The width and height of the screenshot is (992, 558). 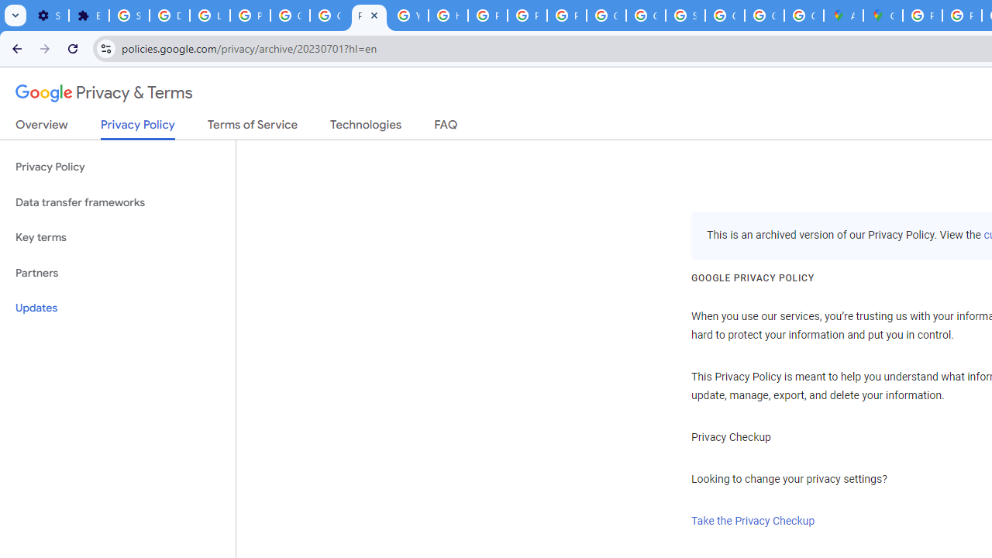 I want to click on 'Sign in - Google Accounts', so click(x=129, y=15).